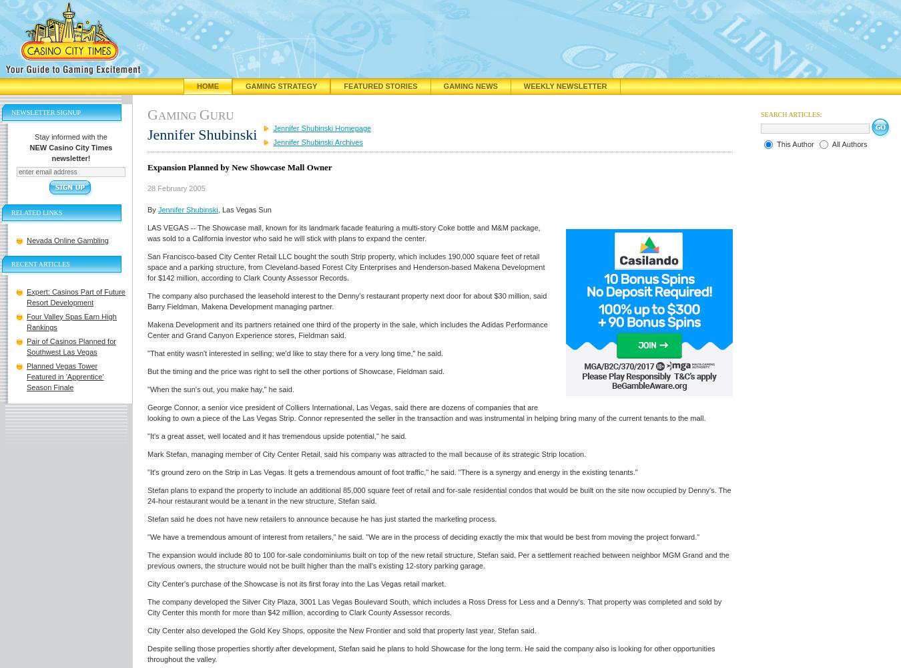  I want to click on ', Las Vegas Sun', so click(217, 208).